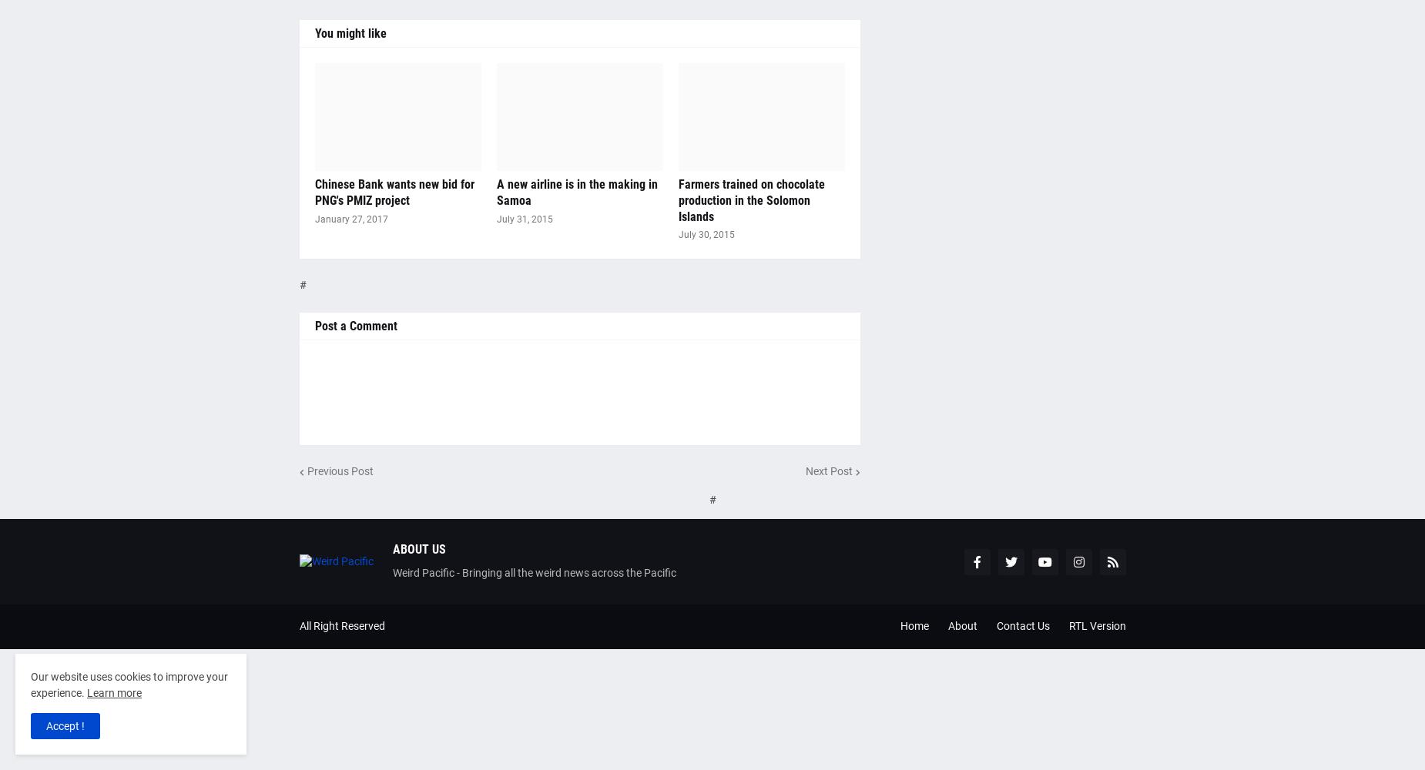 The height and width of the screenshot is (770, 1425). I want to click on 'About Us', so click(391, 548).